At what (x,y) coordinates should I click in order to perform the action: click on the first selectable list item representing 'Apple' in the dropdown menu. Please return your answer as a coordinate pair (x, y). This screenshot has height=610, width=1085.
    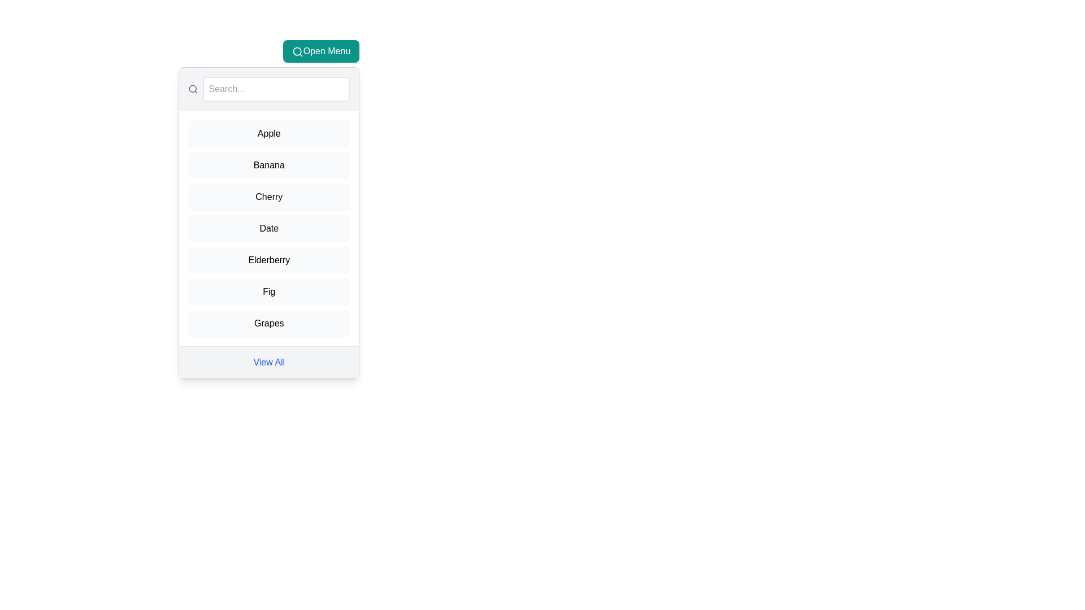
    Looking at the image, I should click on (268, 133).